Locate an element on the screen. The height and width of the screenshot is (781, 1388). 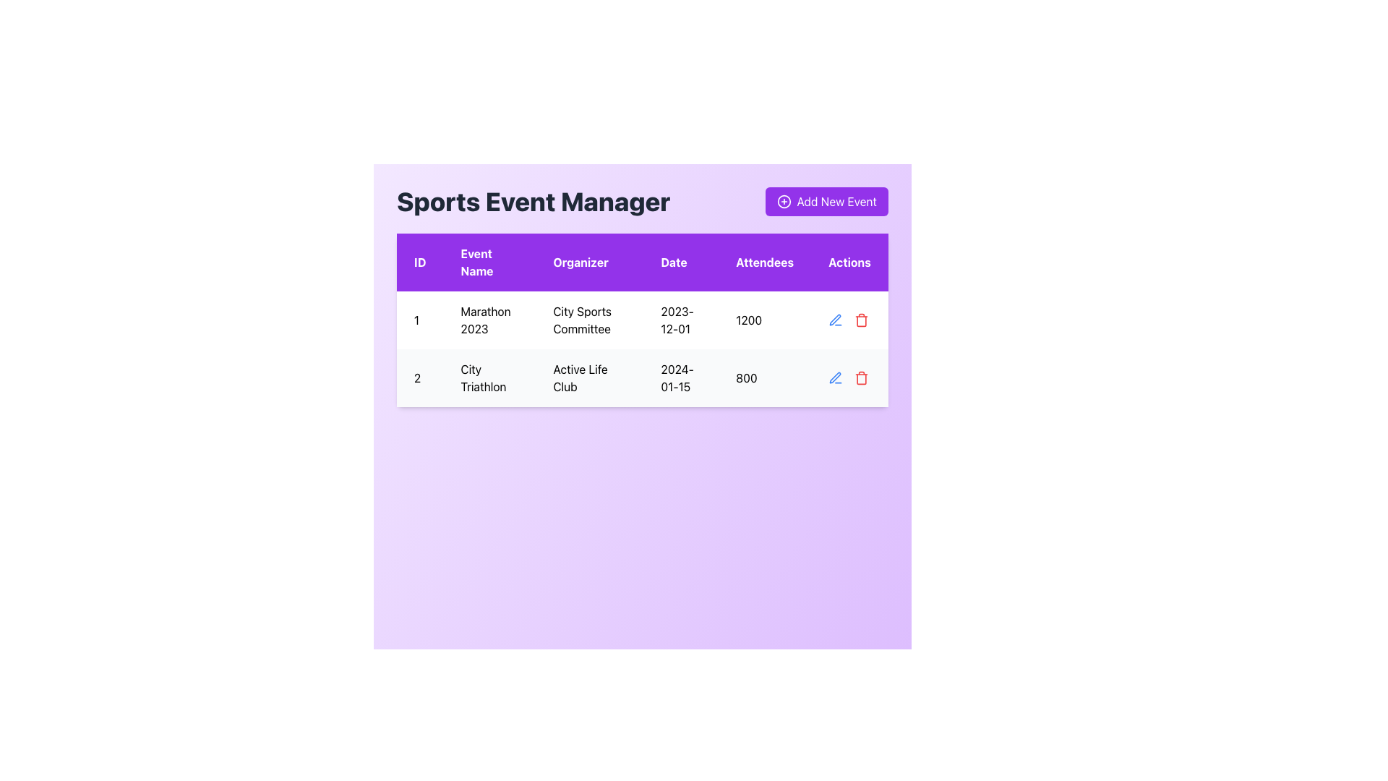
the unique identifier text for 'City Triathlon' located in the ID column of the second row of the table is located at coordinates (419, 377).